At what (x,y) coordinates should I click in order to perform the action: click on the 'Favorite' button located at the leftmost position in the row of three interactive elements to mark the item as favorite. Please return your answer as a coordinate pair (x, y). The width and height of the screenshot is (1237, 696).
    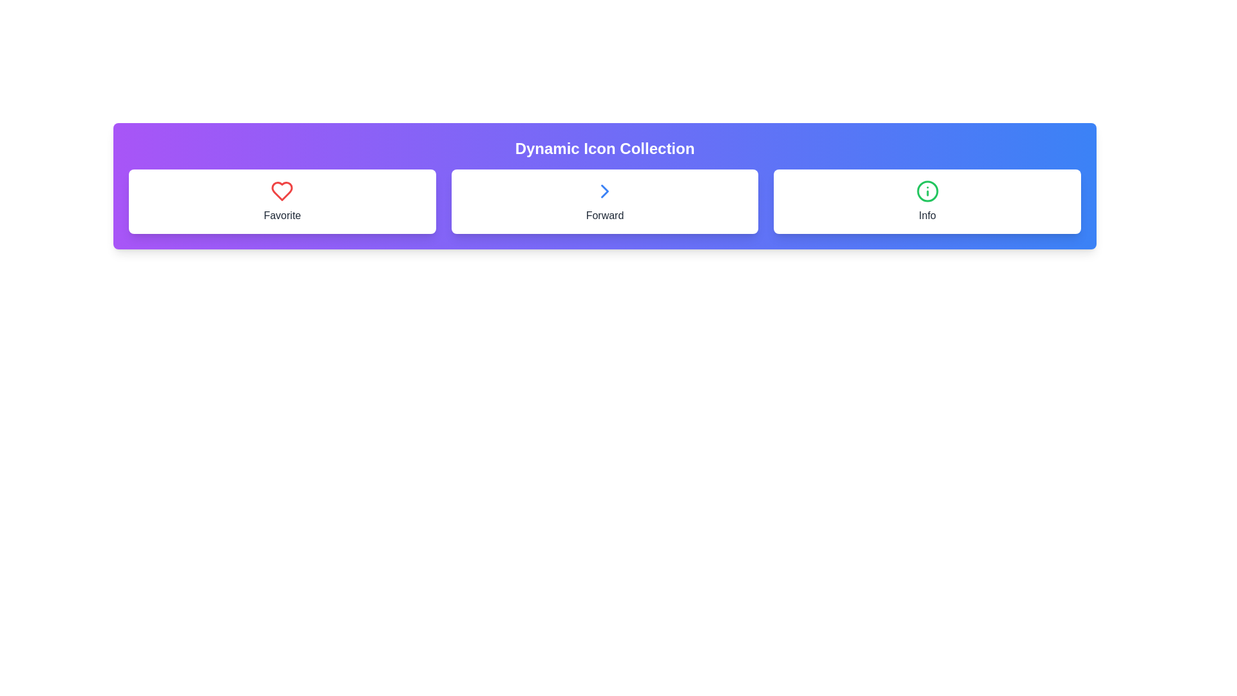
    Looking at the image, I should click on (282, 201).